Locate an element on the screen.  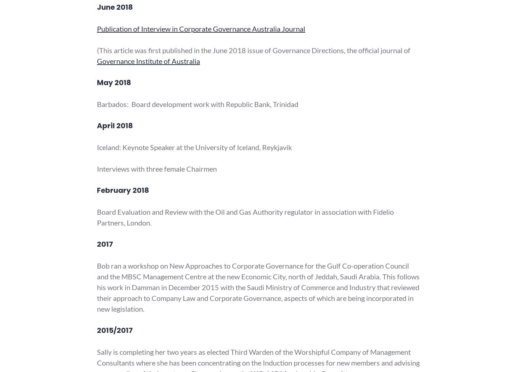
'Publication of Interview in Corporate Governance Australia Journal' is located at coordinates (97, 28).